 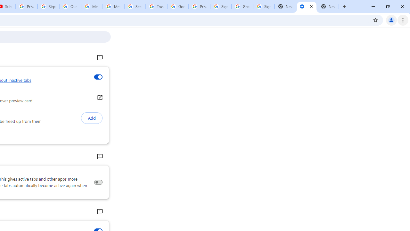 What do you see at coordinates (99, 157) in the screenshot?
I see `'Memory'` at bounding box center [99, 157].